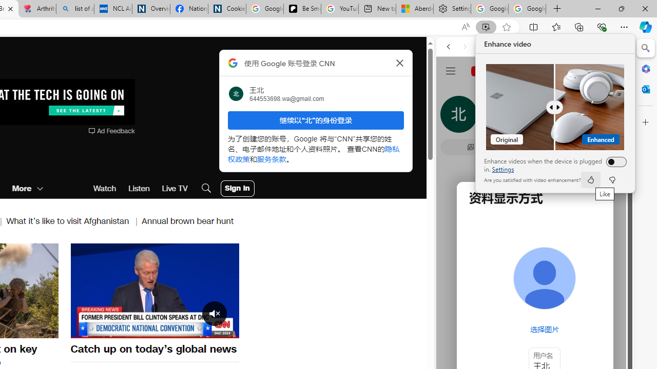 The image size is (657, 369). I want to click on 'like', so click(590, 179).